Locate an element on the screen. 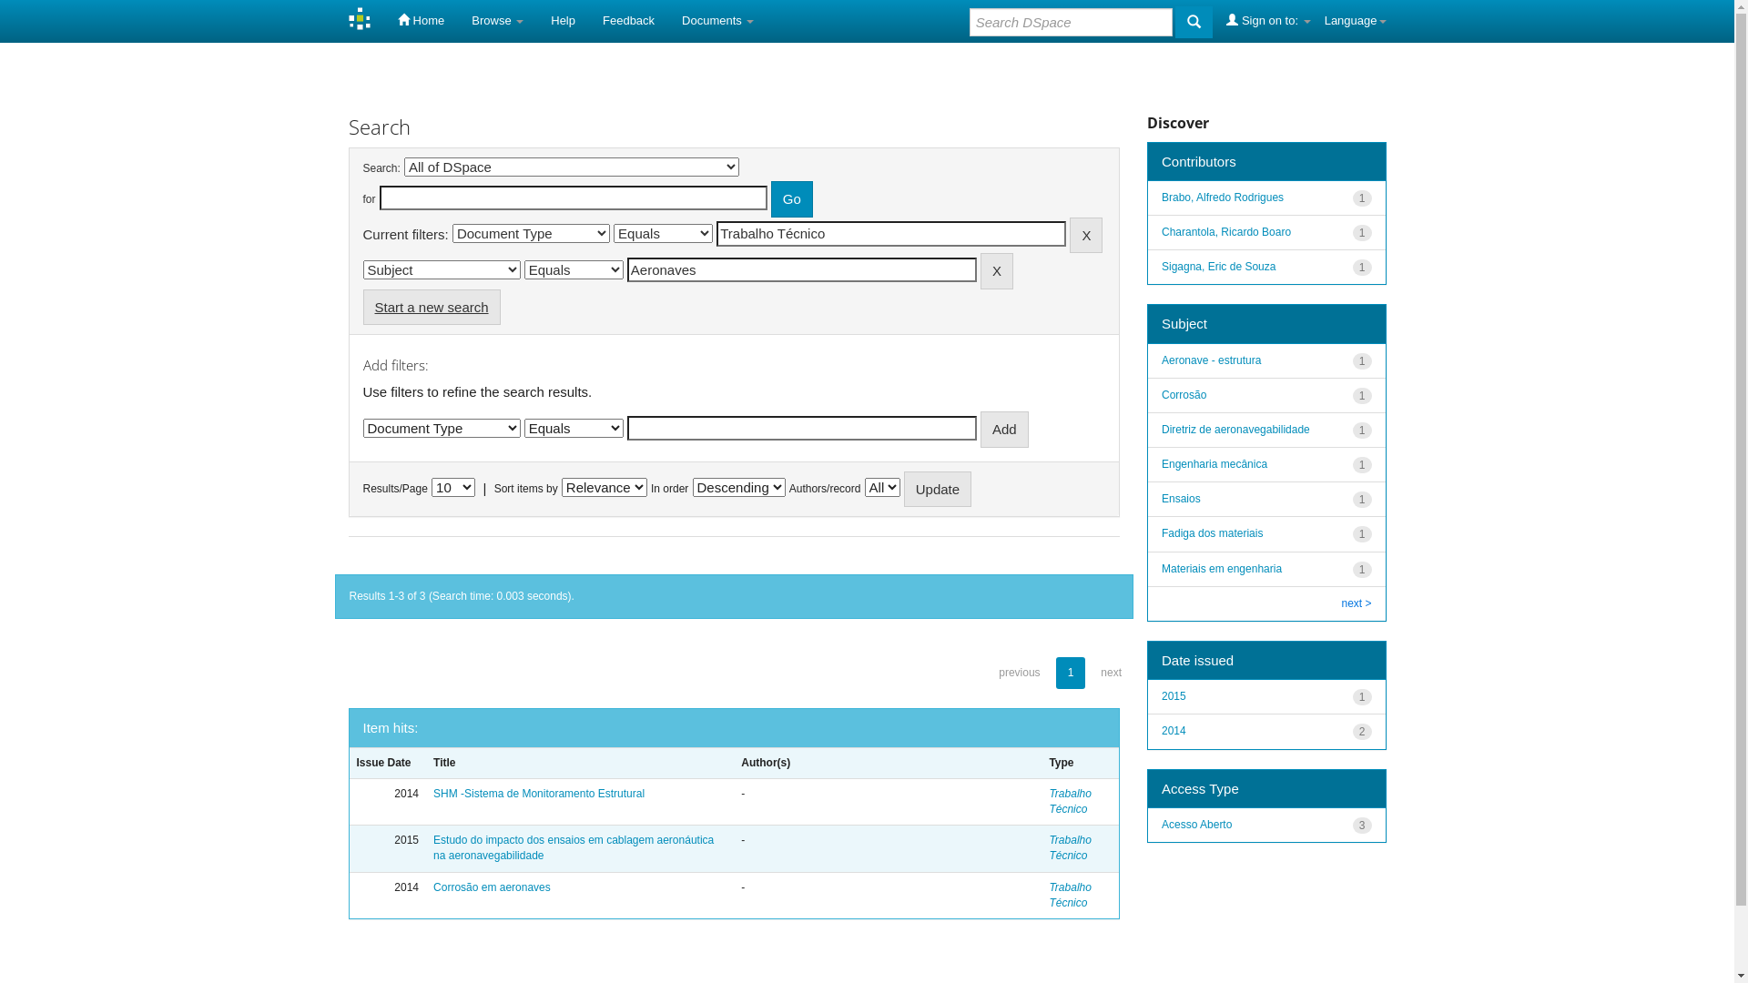 The height and width of the screenshot is (983, 1748). 'Aeronave - estrutura' is located at coordinates (1161, 360).